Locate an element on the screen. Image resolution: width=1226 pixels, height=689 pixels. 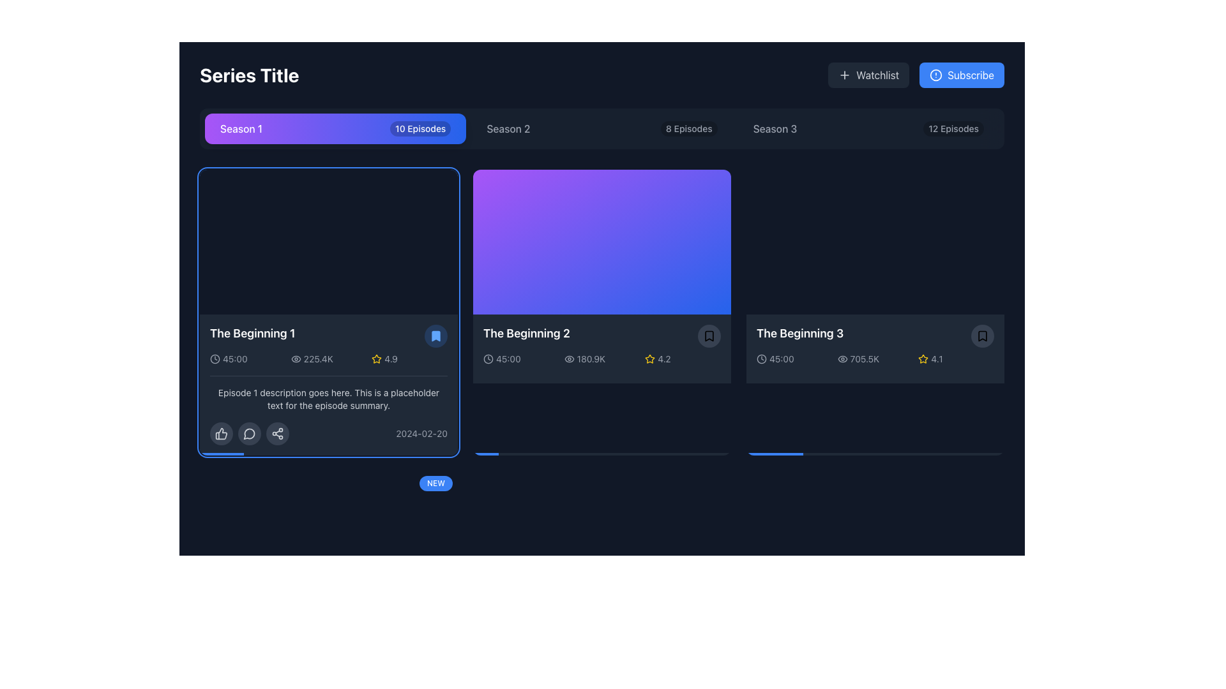
the progress bar located at the bottom of the card labeled 'The Beginning 3', which visually indicates a completion percentage of 22% is located at coordinates (875, 454).